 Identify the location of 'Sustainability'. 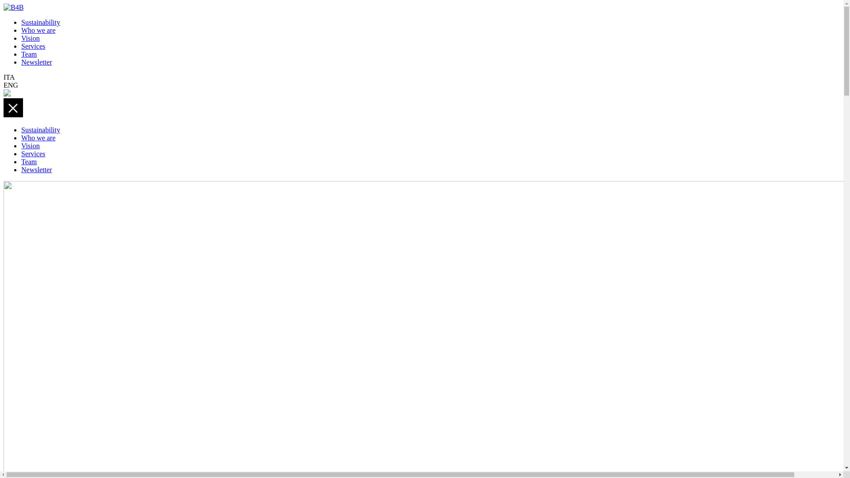
(40, 130).